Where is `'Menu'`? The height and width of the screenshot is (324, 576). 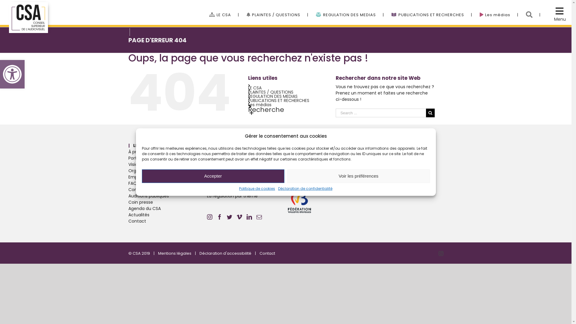 'Menu' is located at coordinates (559, 19).